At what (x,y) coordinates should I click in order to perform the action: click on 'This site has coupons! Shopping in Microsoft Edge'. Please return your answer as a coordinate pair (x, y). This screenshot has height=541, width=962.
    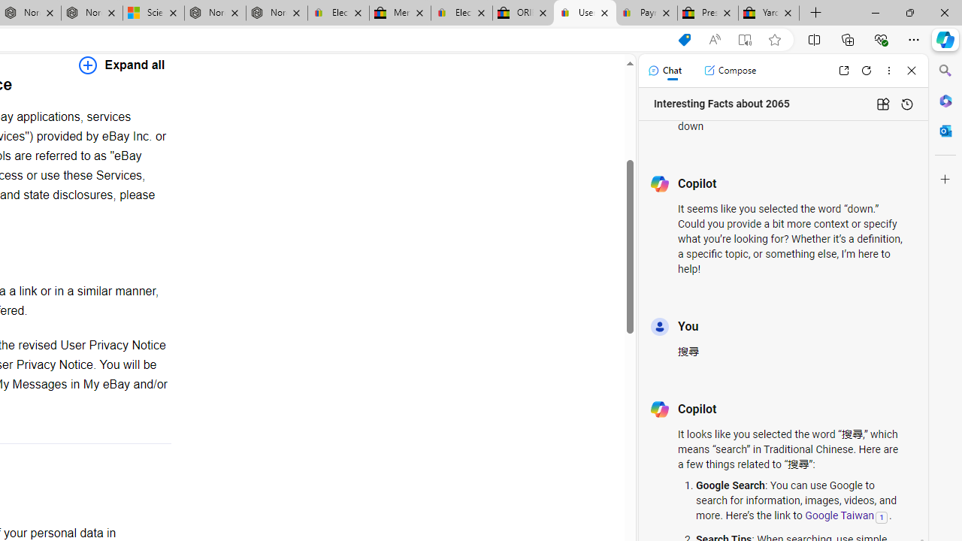
    Looking at the image, I should click on (683, 39).